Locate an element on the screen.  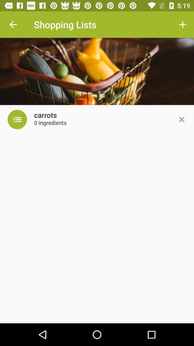
the icon above 0 ingredients is located at coordinates (45, 115).